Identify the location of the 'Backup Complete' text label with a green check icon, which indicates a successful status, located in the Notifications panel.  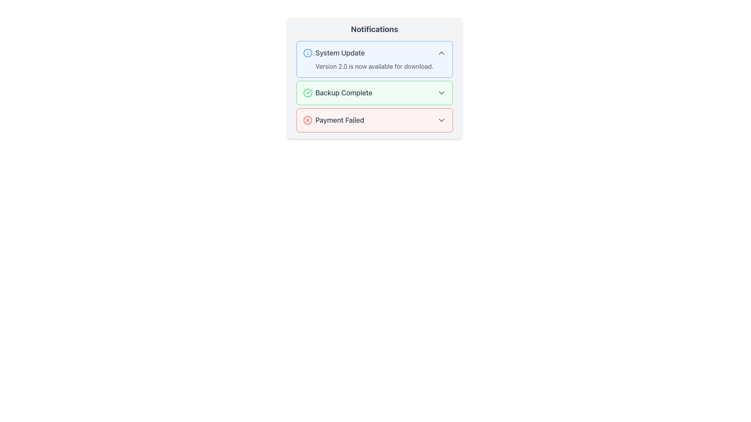
(338, 93).